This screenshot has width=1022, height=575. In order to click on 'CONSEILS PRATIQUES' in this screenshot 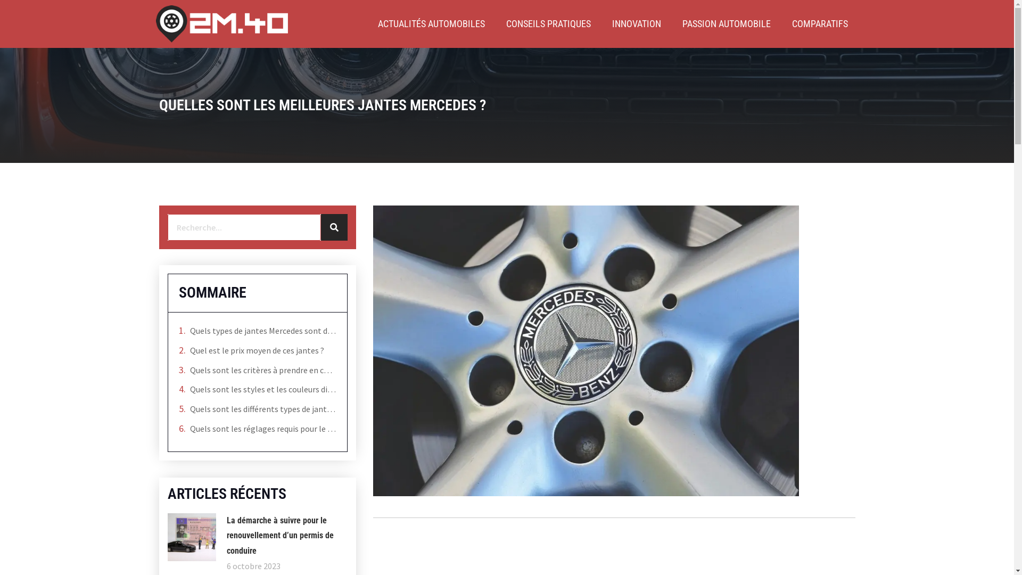, I will do `click(548, 24)`.